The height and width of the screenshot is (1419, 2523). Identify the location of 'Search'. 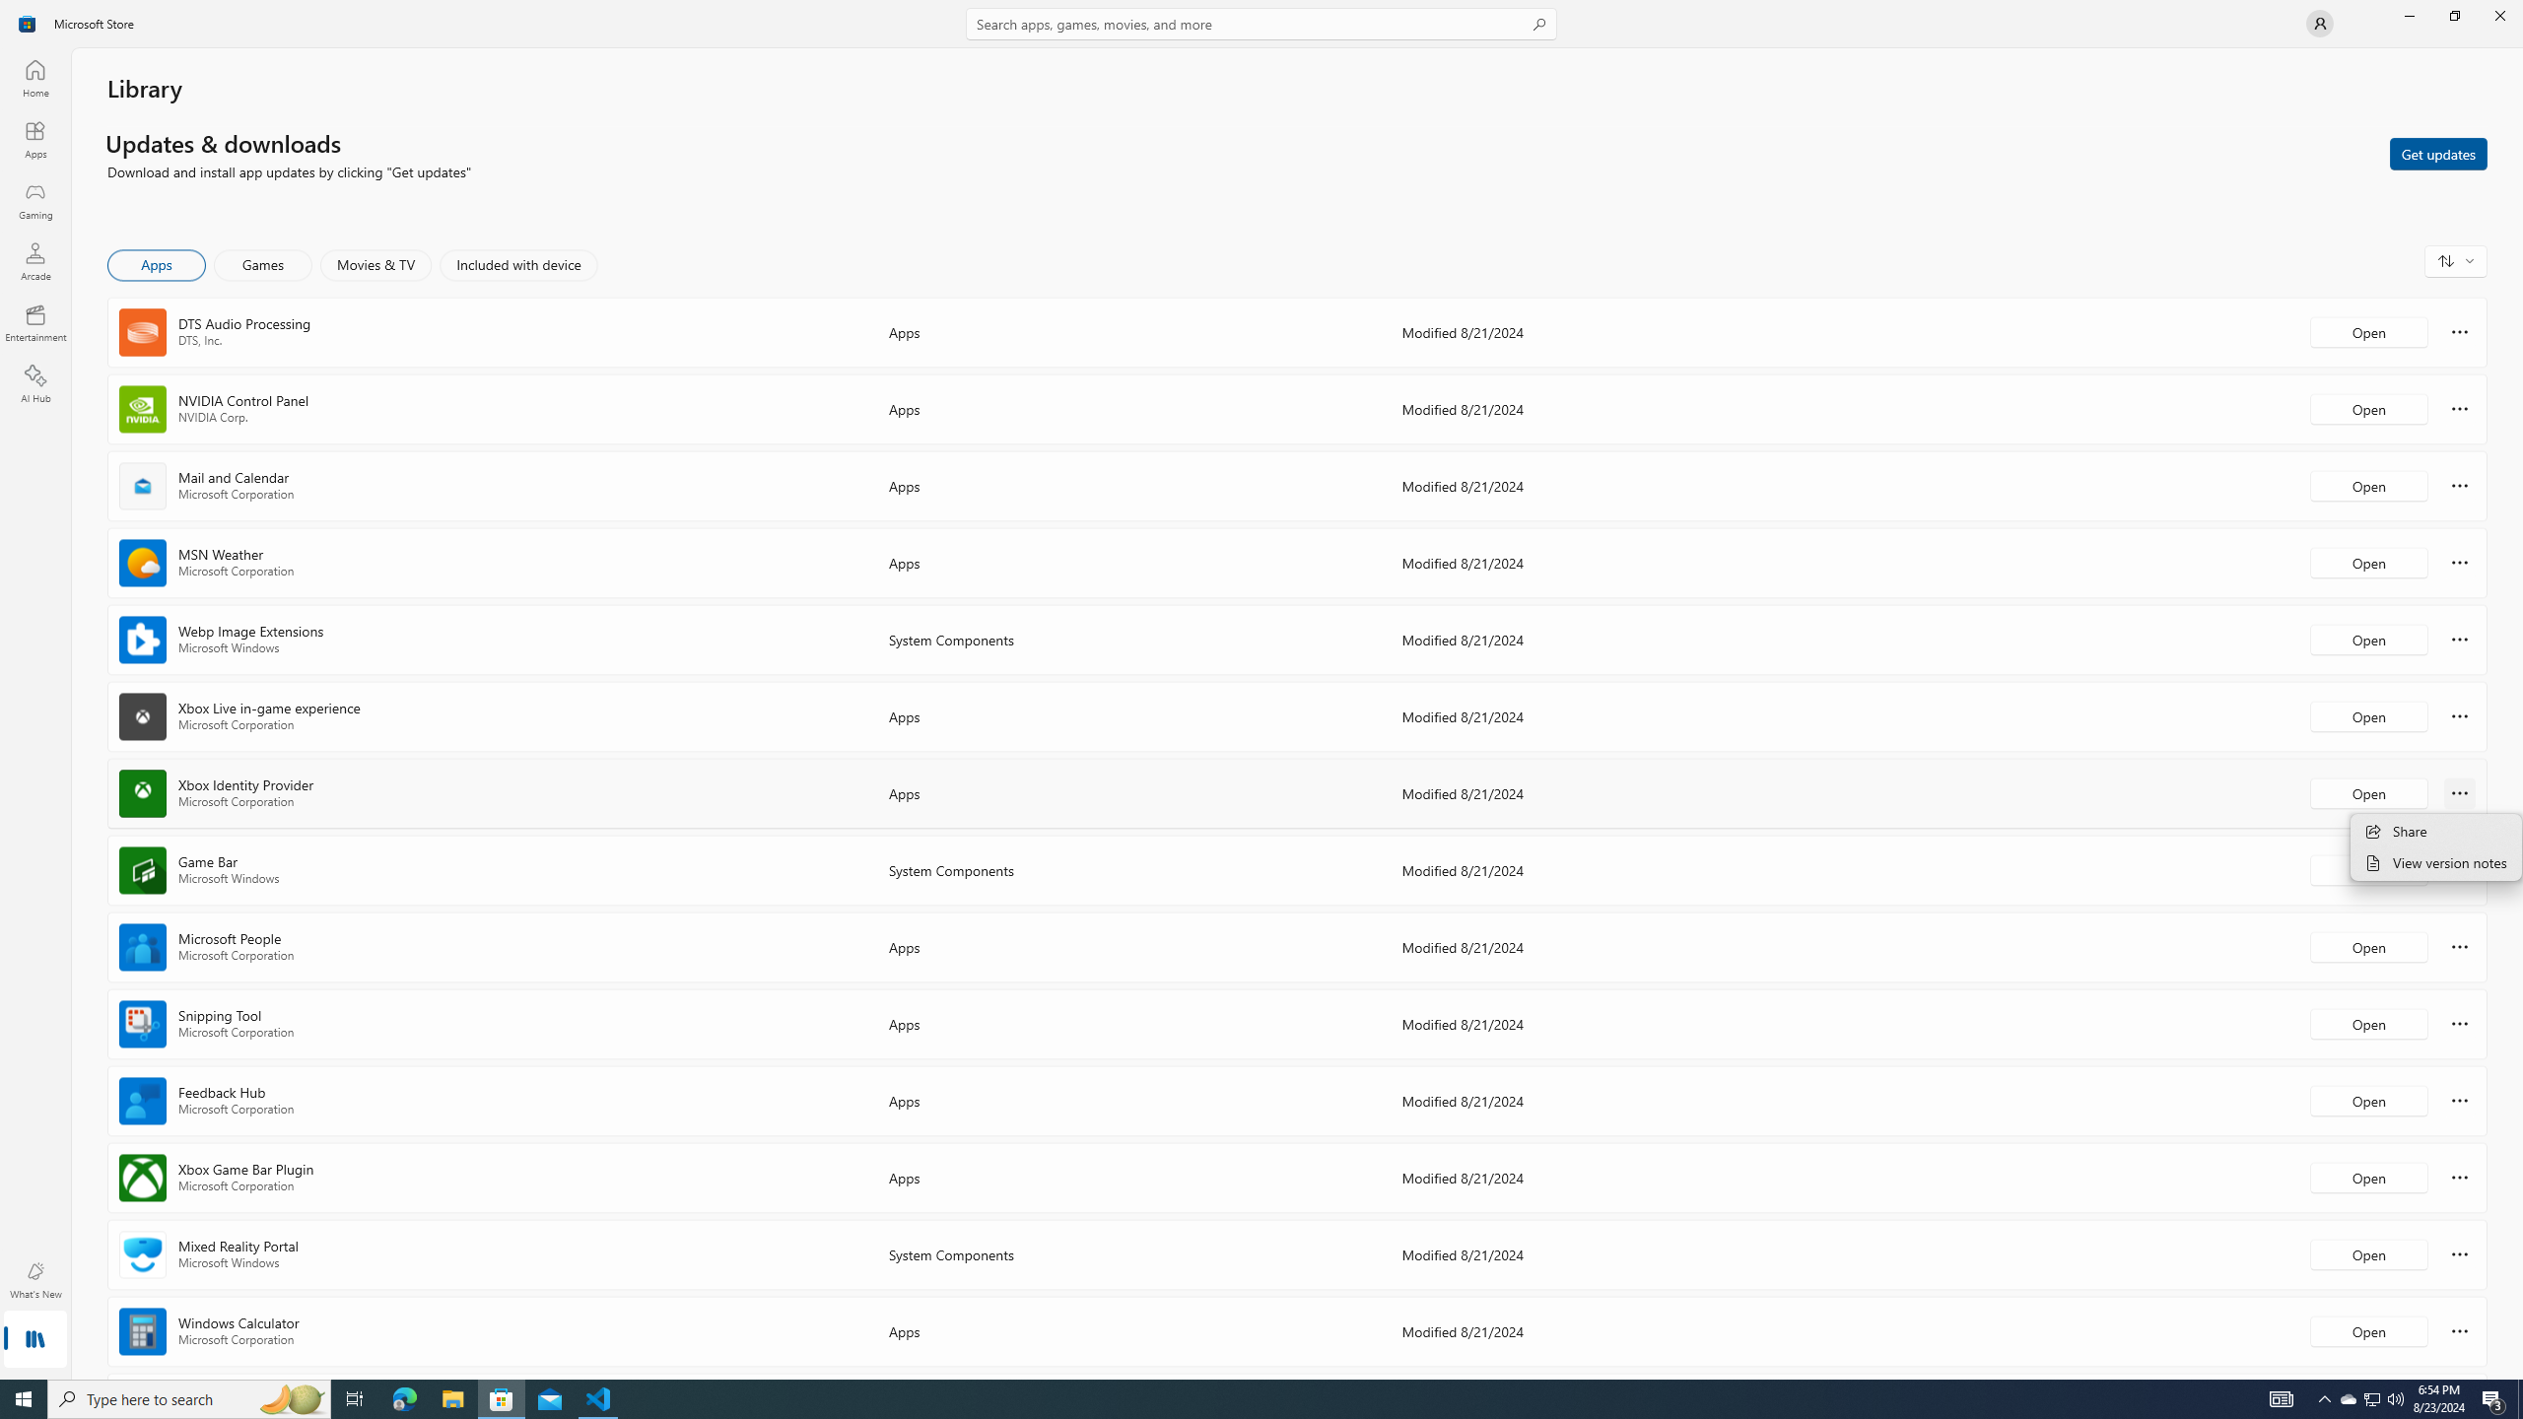
(1261, 23).